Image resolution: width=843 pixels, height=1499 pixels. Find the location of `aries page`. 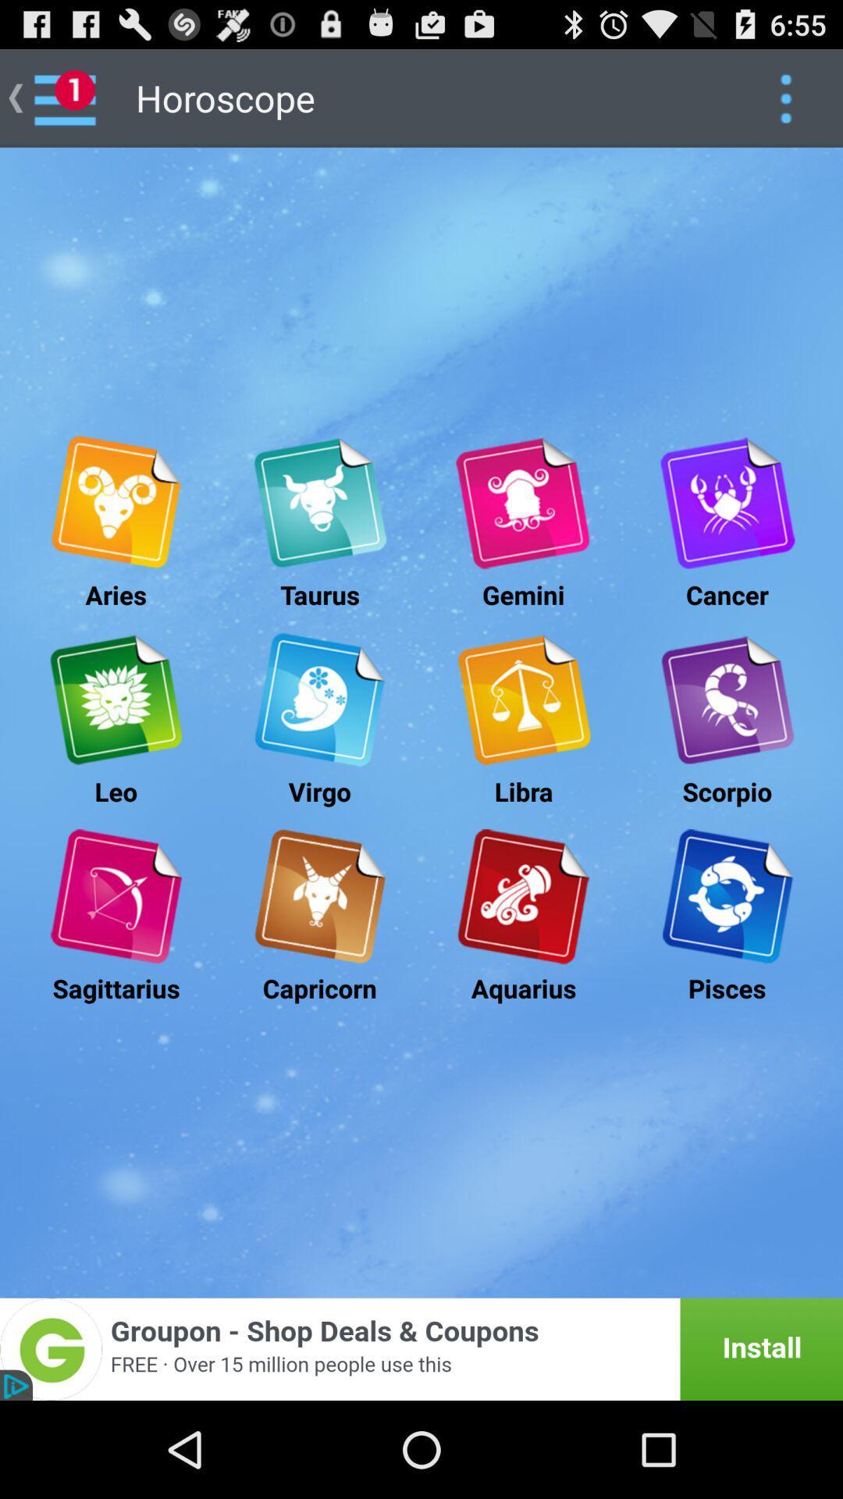

aries page is located at coordinates (115, 503).